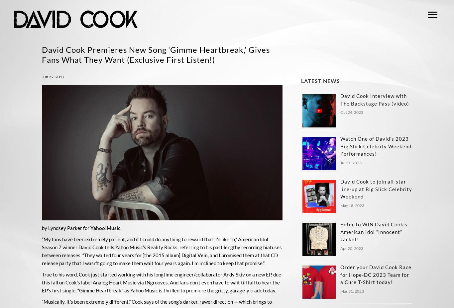 This screenshot has width=454, height=308. What do you see at coordinates (194, 255) in the screenshot?
I see `'Digital Vein'` at bounding box center [194, 255].